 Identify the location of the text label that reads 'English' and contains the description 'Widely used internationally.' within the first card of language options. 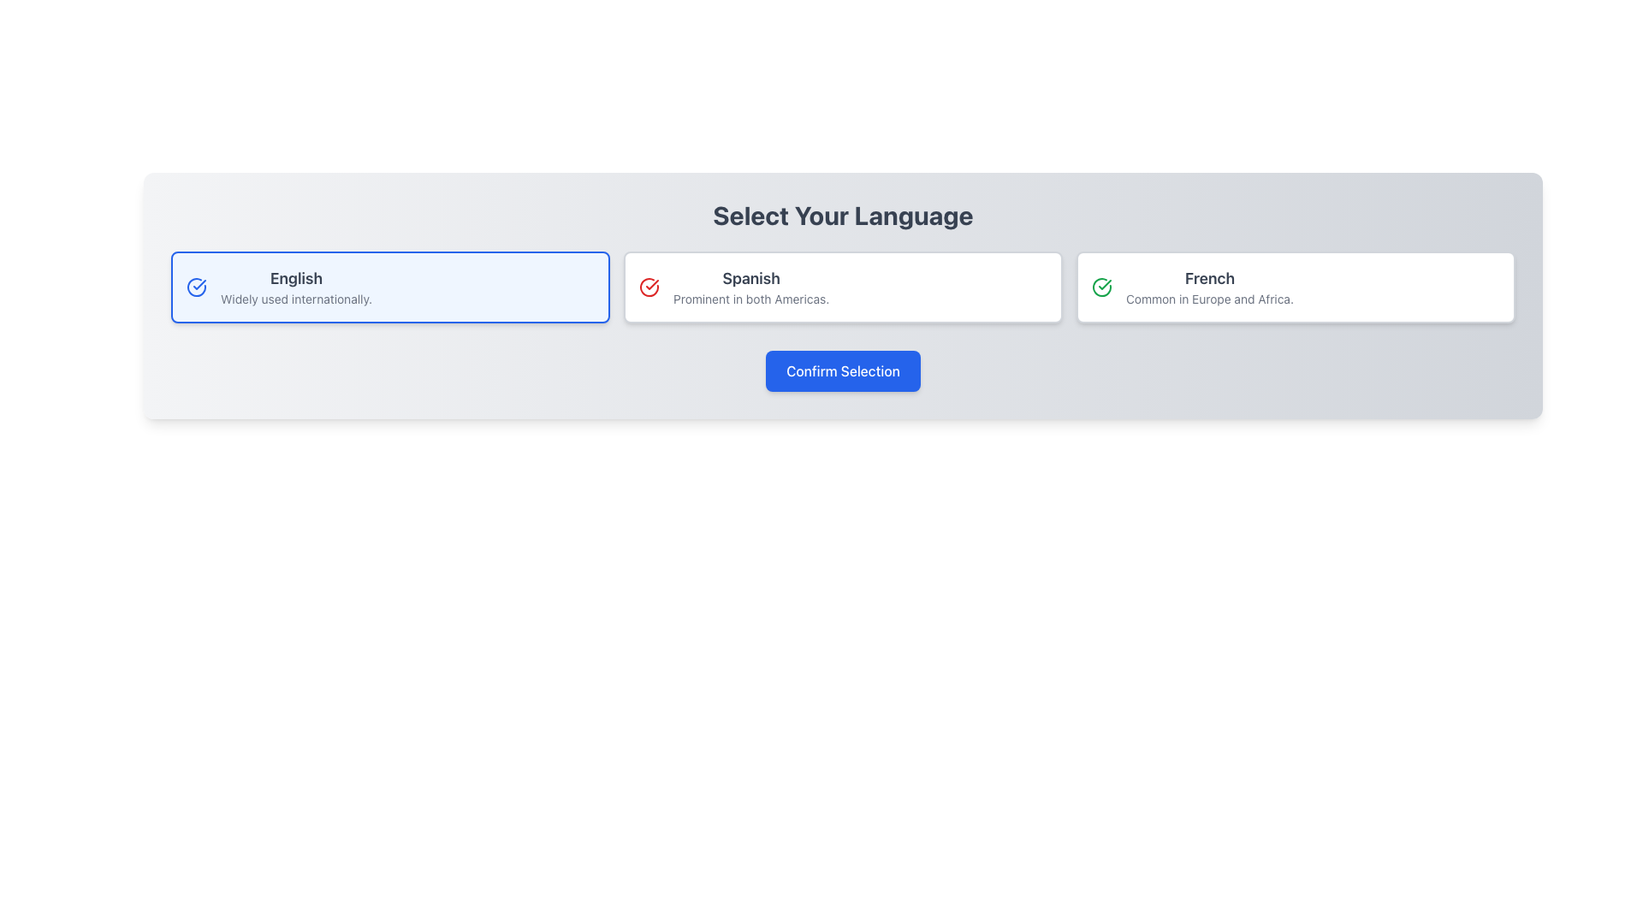
(296, 286).